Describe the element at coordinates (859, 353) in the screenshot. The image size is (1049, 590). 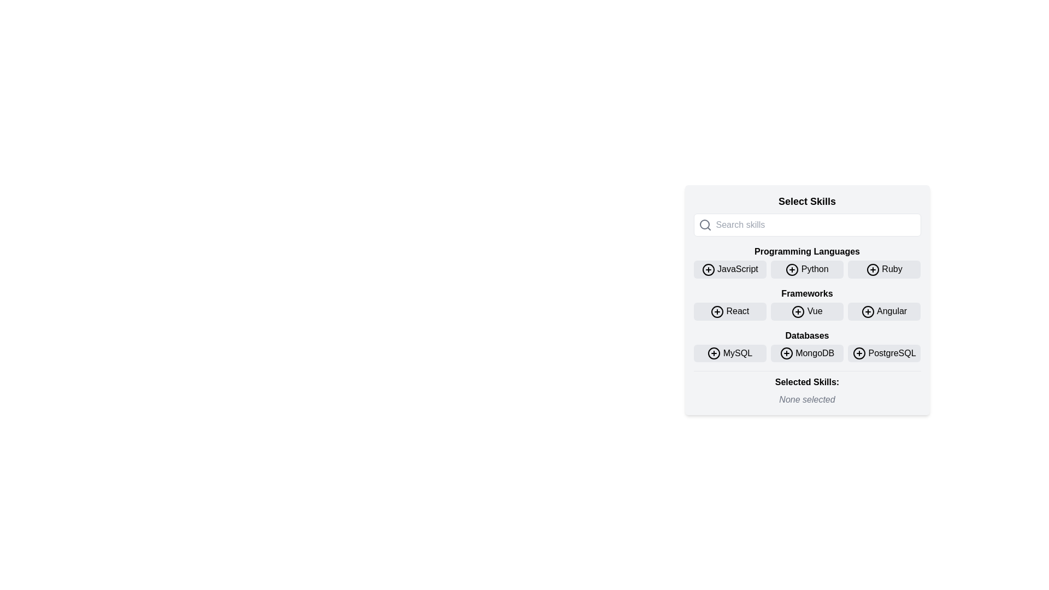
I see `the button next to the label 'PostgreSQL' in the 'Databases' section` at that location.